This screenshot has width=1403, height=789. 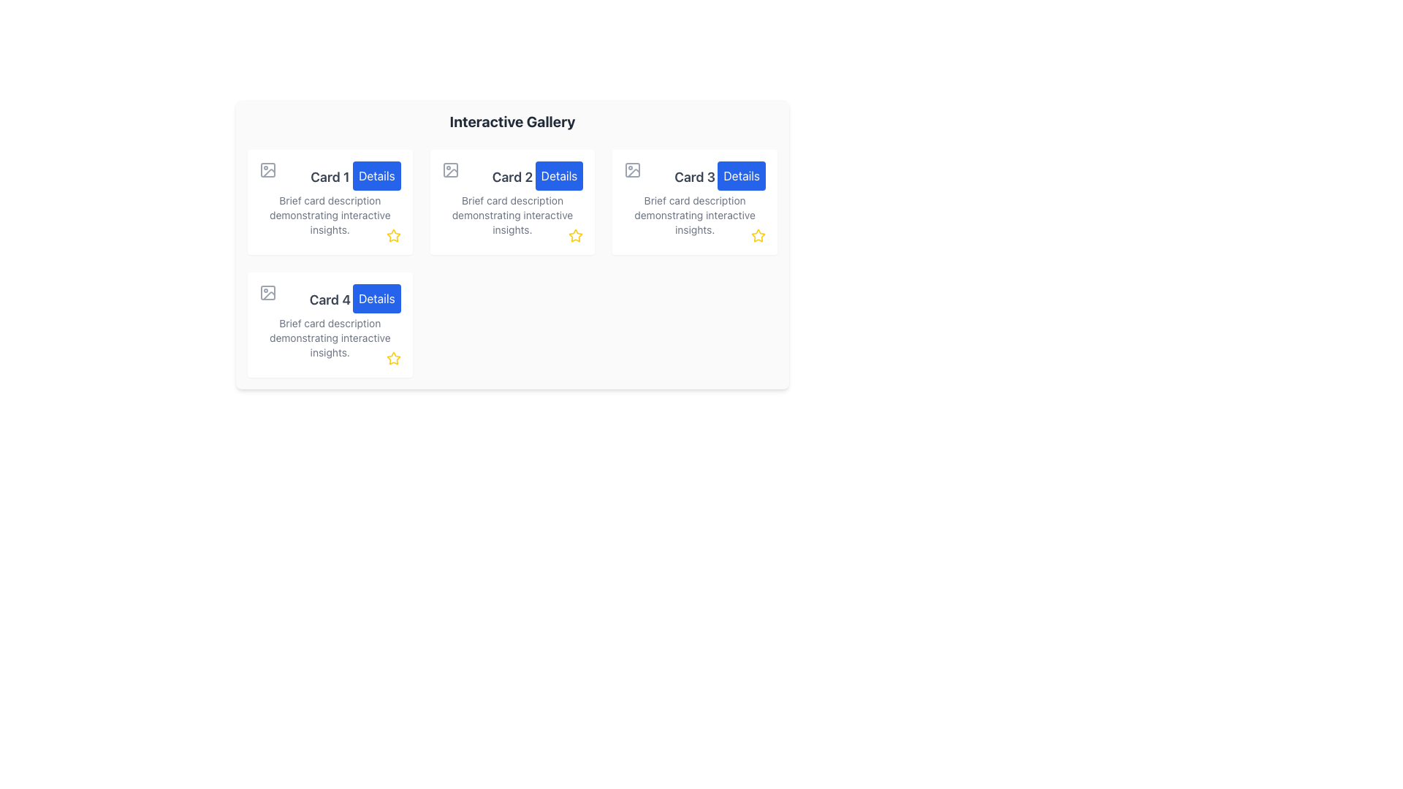 What do you see at coordinates (267, 293) in the screenshot?
I see `the small gray icon resembling a minimalist image placeholder located at the top-left corner of 'Card 4'` at bounding box center [267, 293].